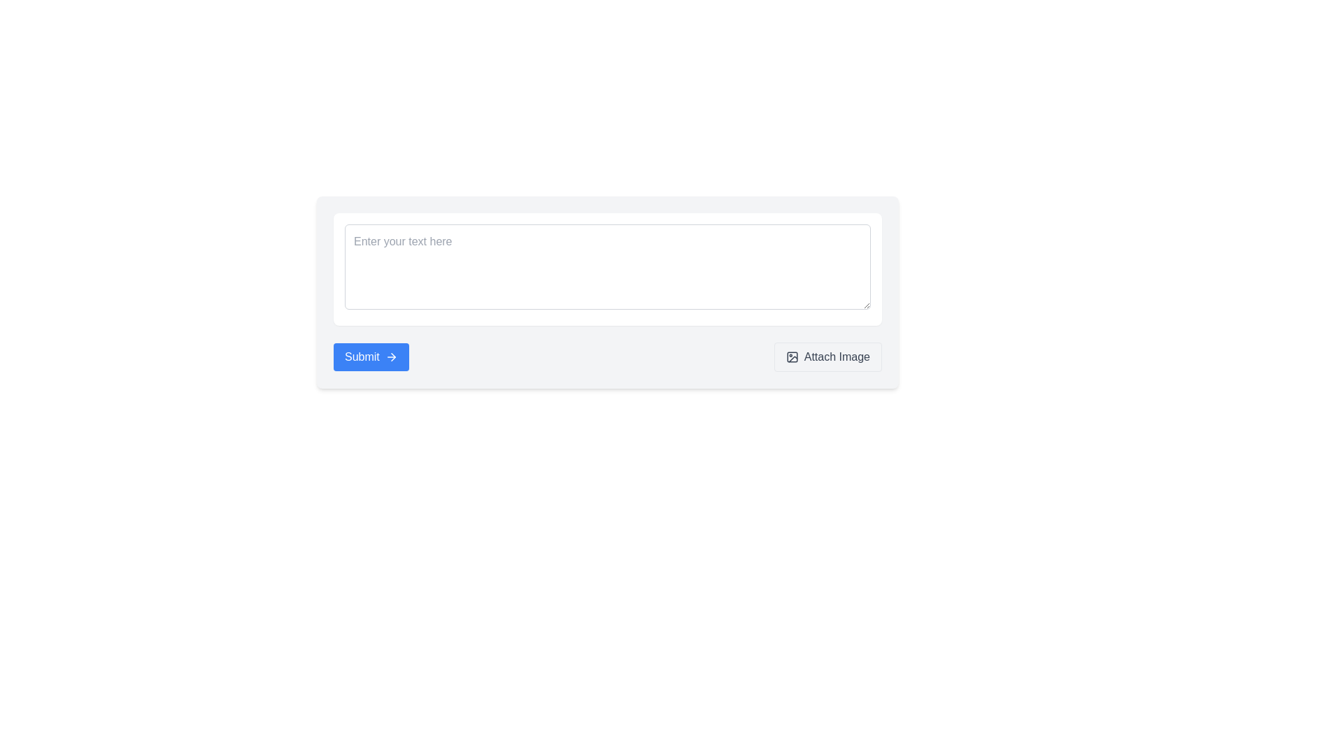  What do you see at coordinates (792, 356) in the screenshot?
I see `the 'Attach Image' button, which is indicated by the icon located to the left of the text label at the bottom-right corner of the form interface, to initiate image attachment` at bounding box center [792, 356].